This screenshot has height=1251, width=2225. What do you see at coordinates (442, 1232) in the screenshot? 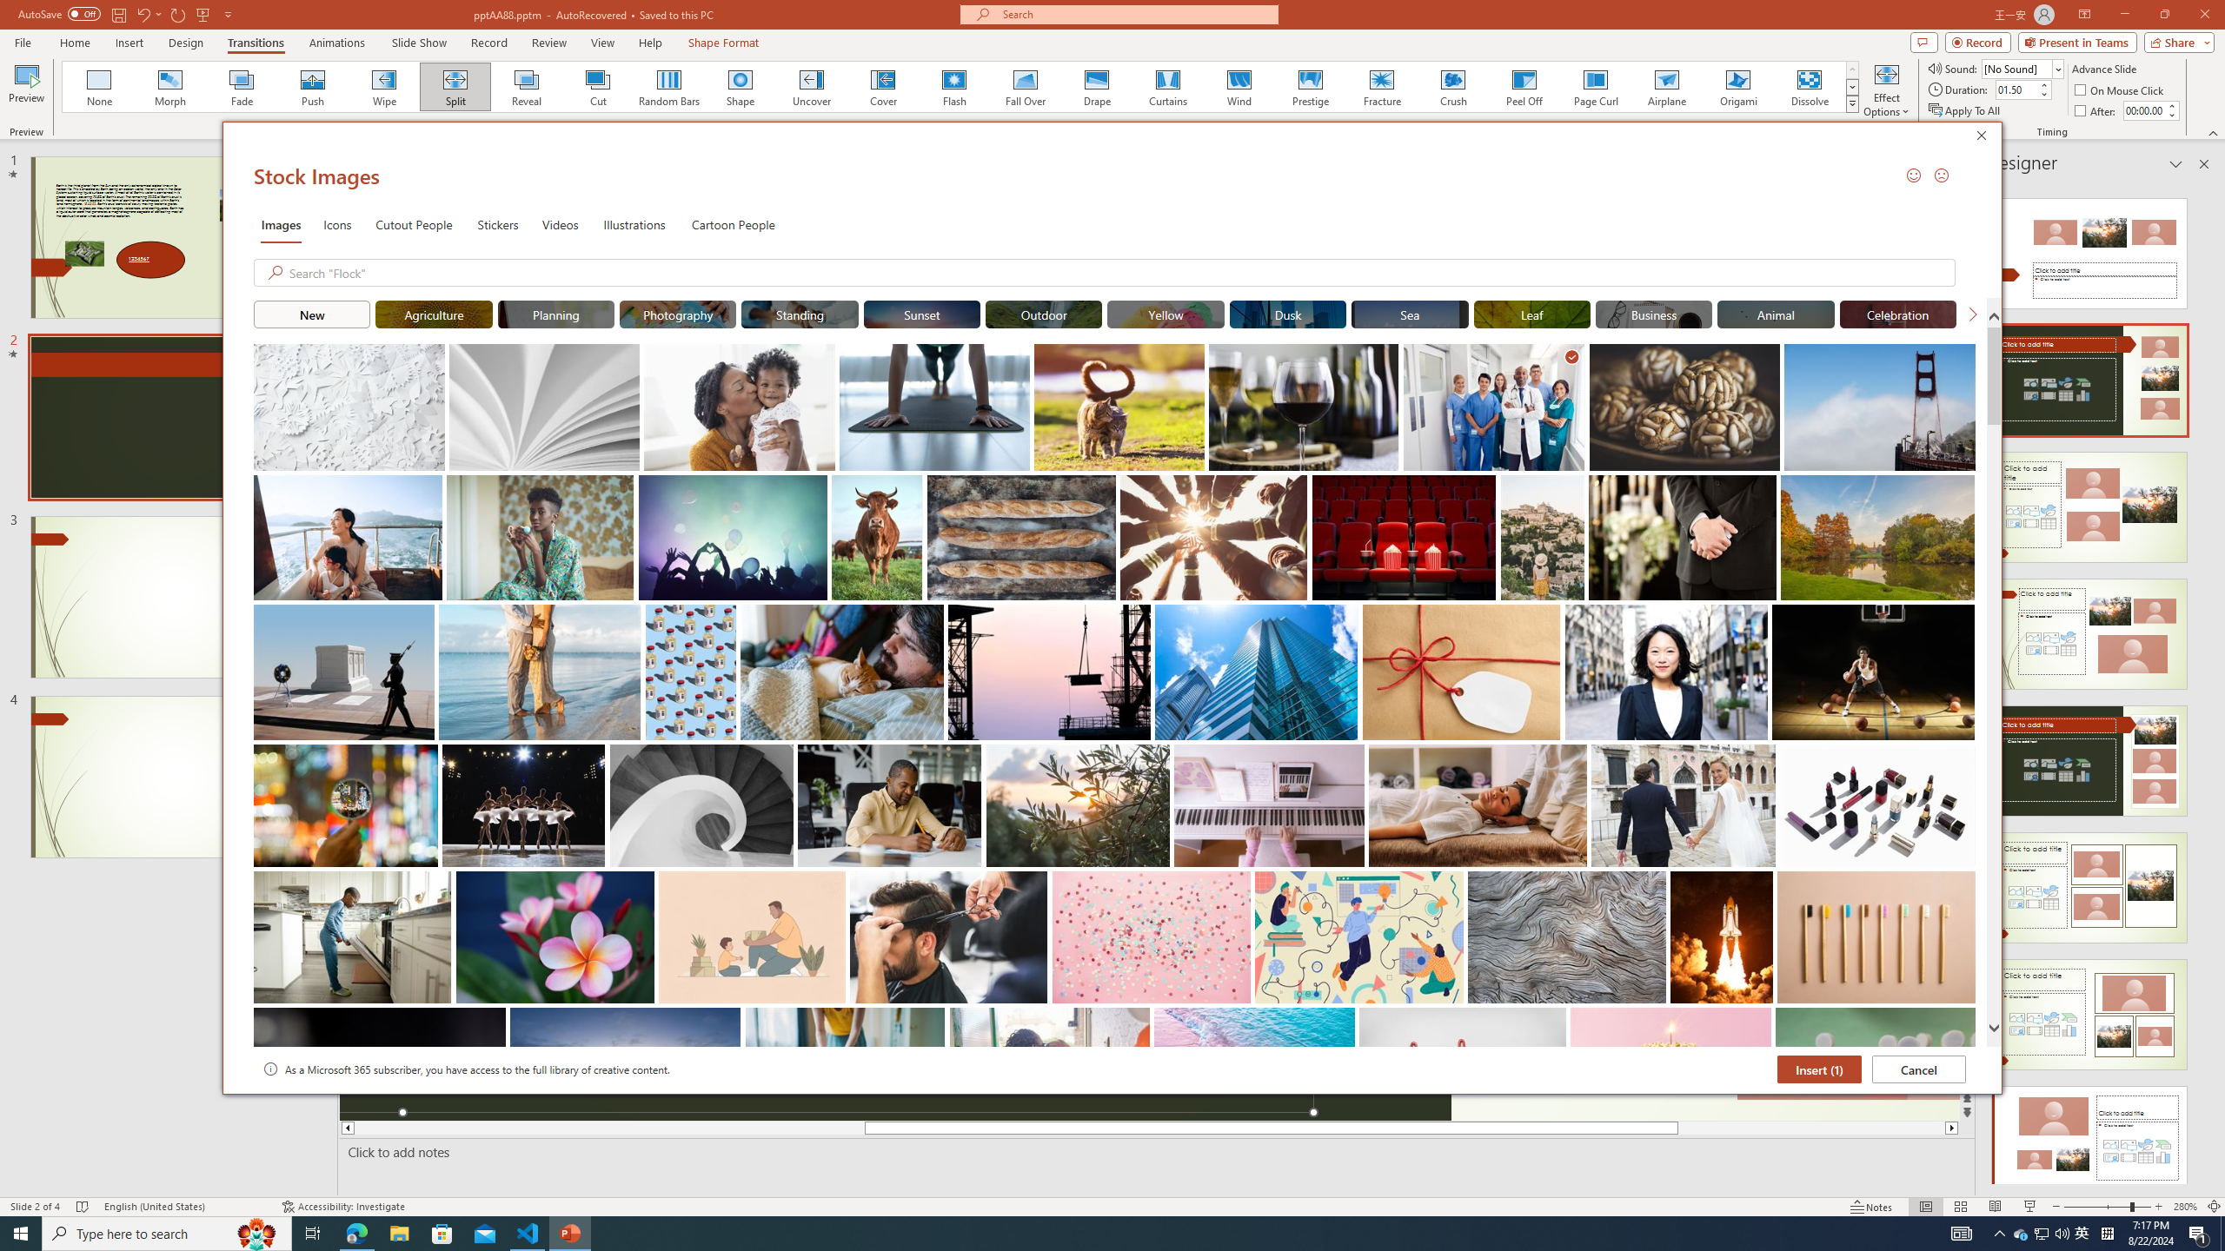
I see `'Microsoft Store'` at bounding box center [442, 1232].